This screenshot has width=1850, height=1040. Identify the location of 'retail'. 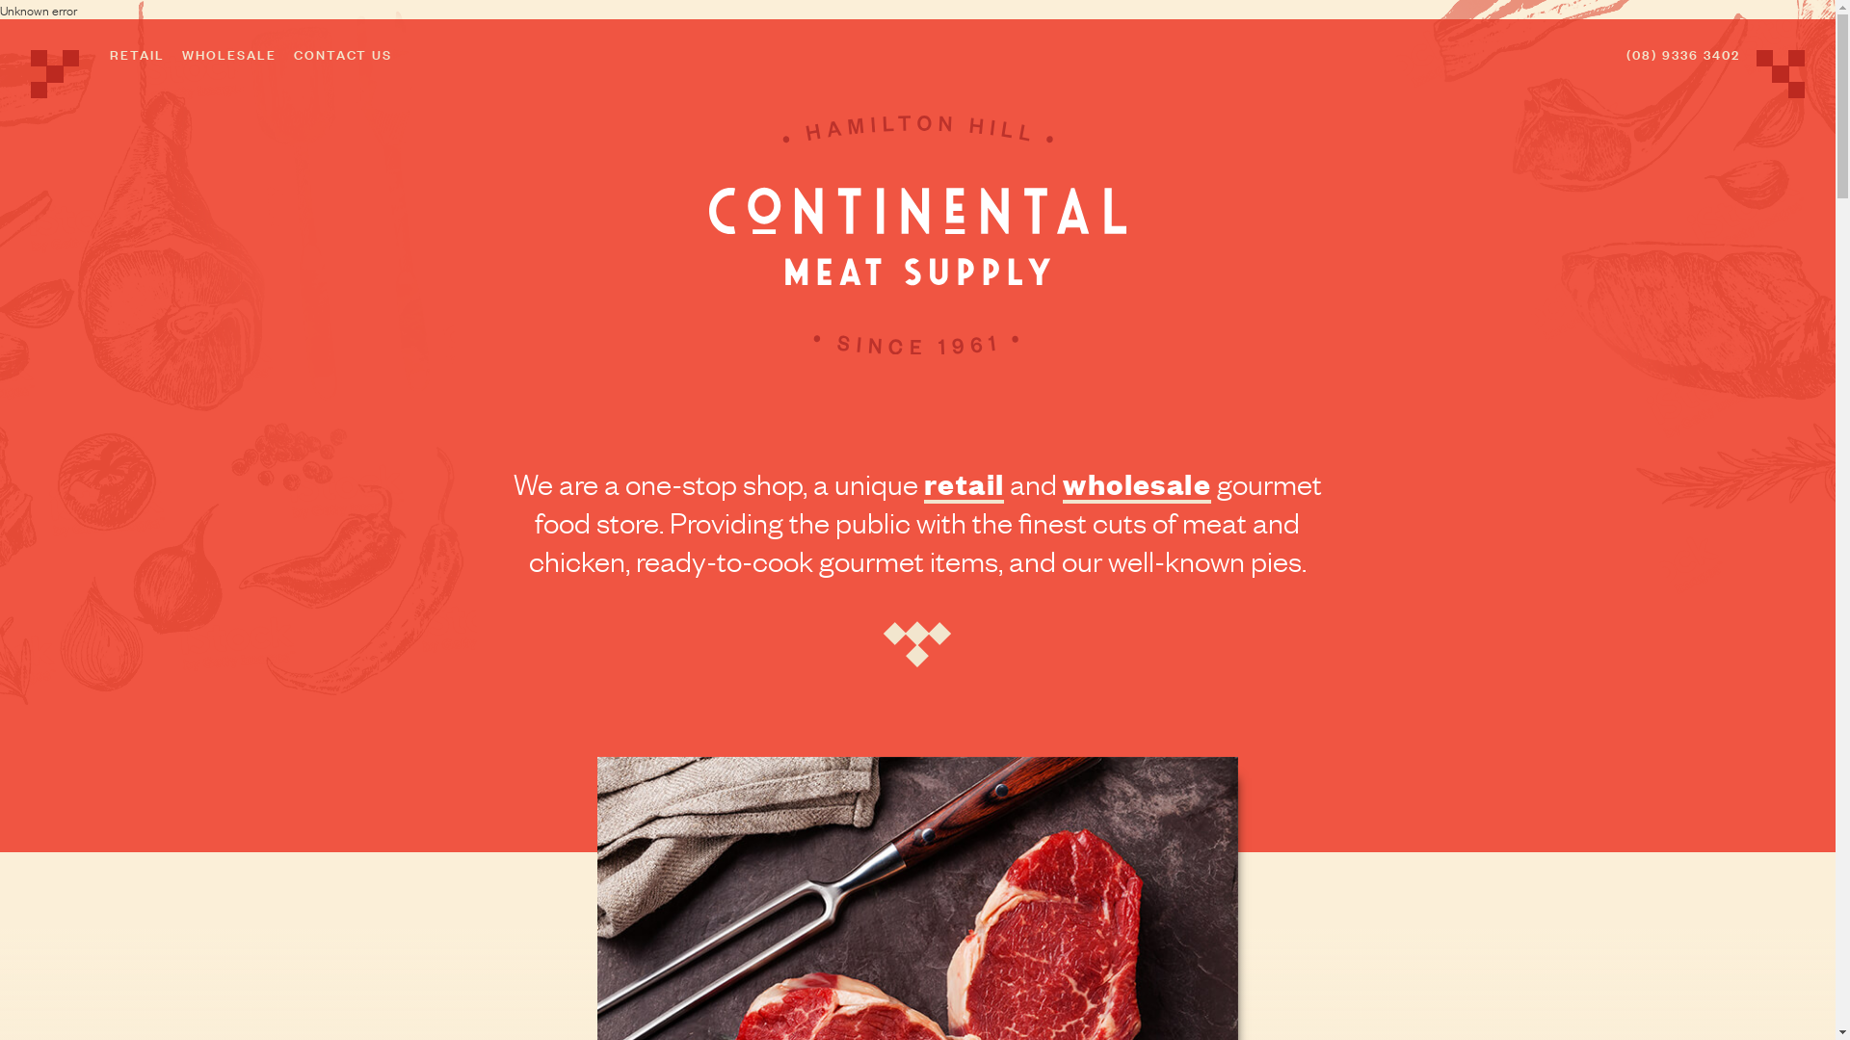
(964, 481).